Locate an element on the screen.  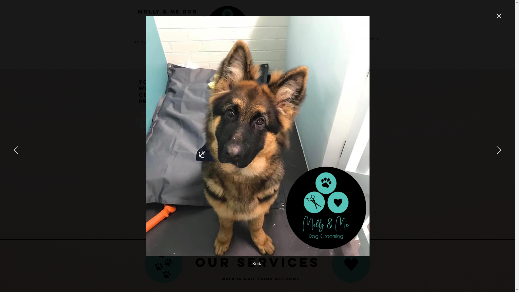
'29 Centre Road, Vermont 3133' is located at coordinates (167, 42).